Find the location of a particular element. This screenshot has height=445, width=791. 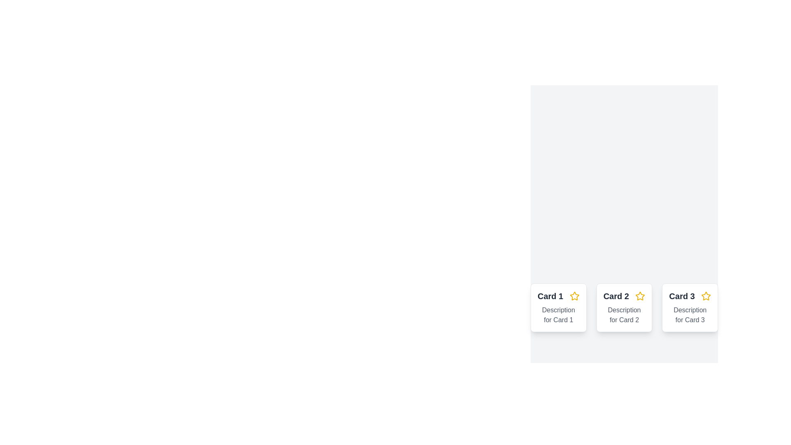

the composite element containing the title 'Card 1' and the yellow star icon, which is the leftmost card in the horizontal list of cards is located at coordinates (558, 295).